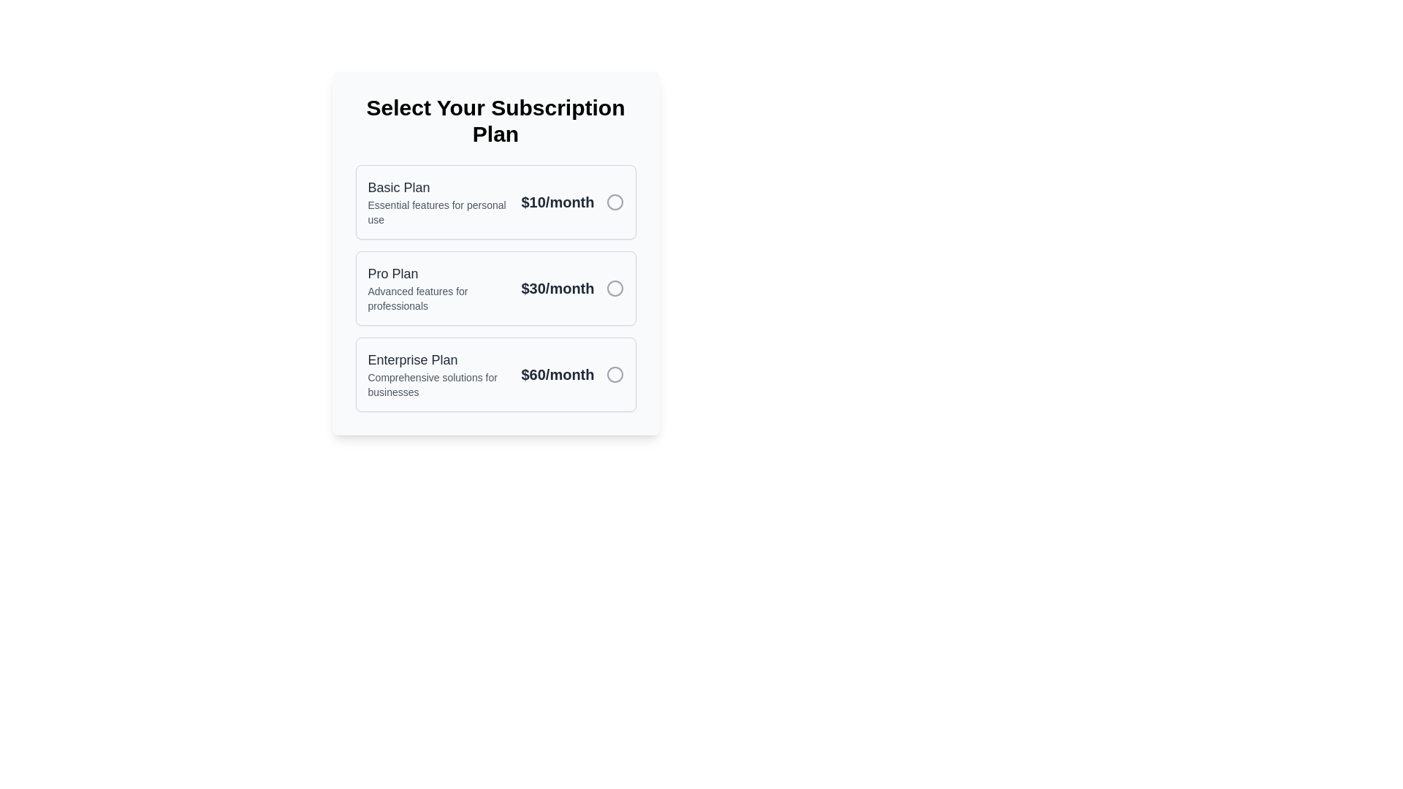 The height and width of the screenshot is (789, 1403). What do you see at coordinates (615, 288) in the screenshot?
I see `the unselected radio button with a gray border` at bounding box center [615, 288].